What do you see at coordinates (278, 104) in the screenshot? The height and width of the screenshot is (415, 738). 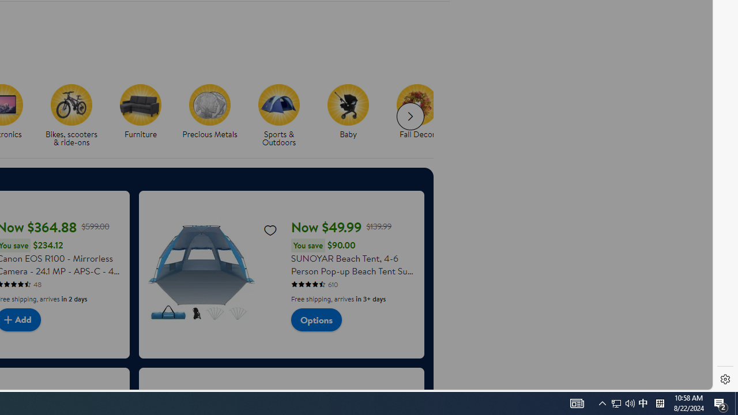 I see `'Sports & Outdoors'` at bounding box center [278, 104].